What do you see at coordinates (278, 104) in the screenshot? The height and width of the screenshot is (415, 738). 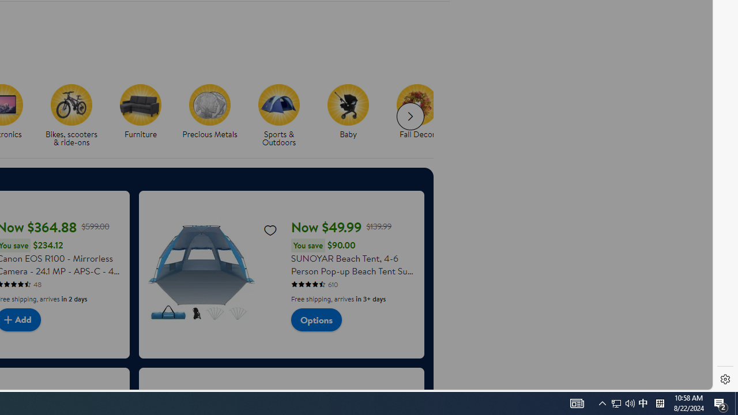 I see `'Sports & Outdoors'` at bounding box center [278, 104].